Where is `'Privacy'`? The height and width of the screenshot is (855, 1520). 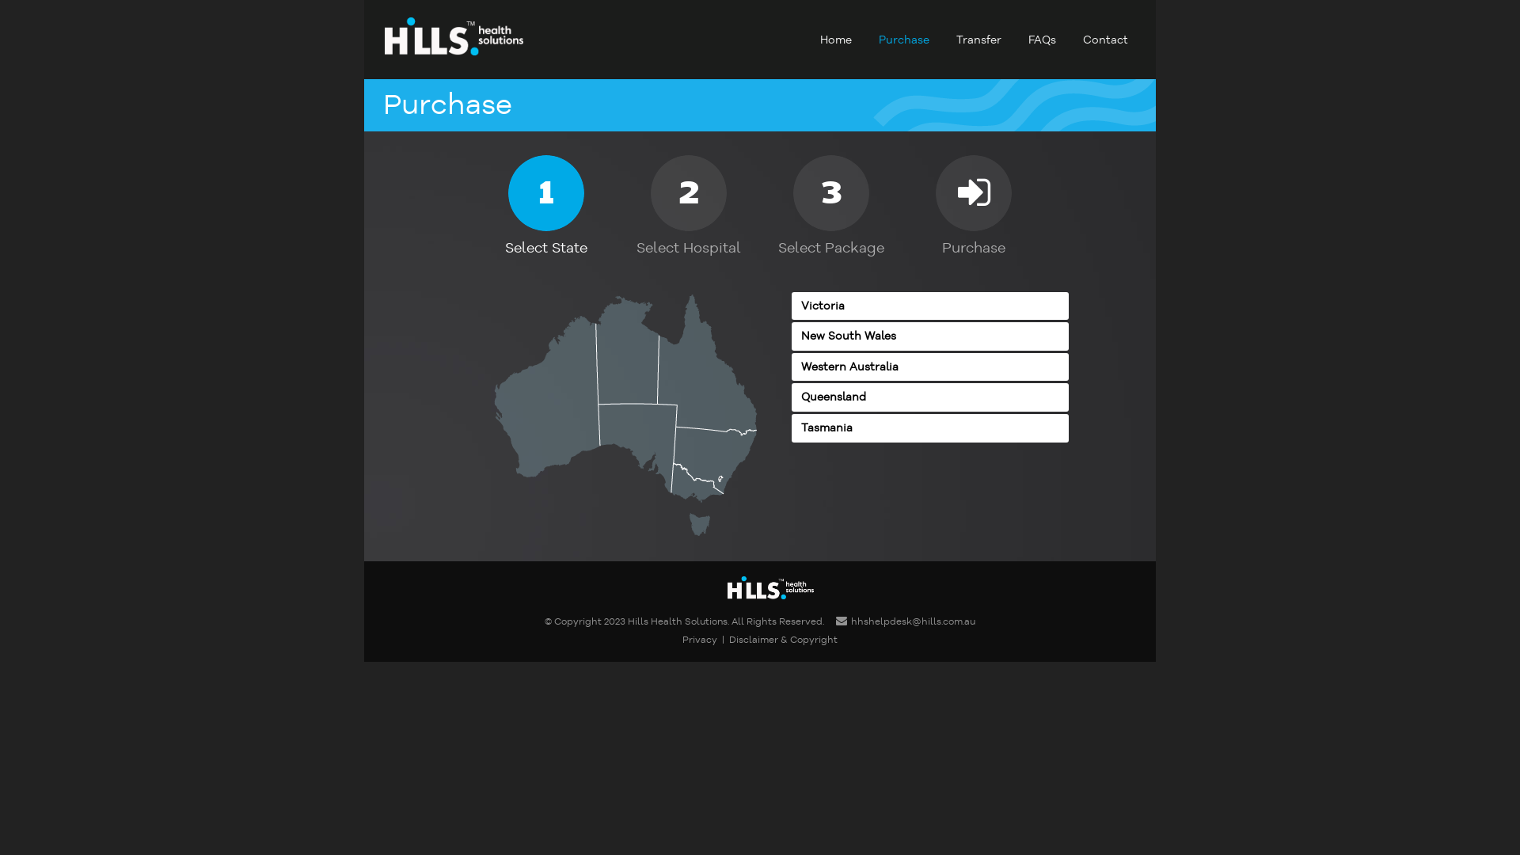 'Privacy' is located at coordinates (682, 639).